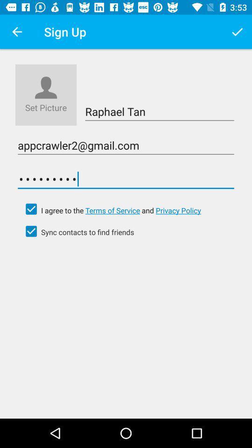 The height and width of the screenshot is (448, 252). Describe the element at coordinates (31, 209) in the screenshot. I see `check box` at that location.